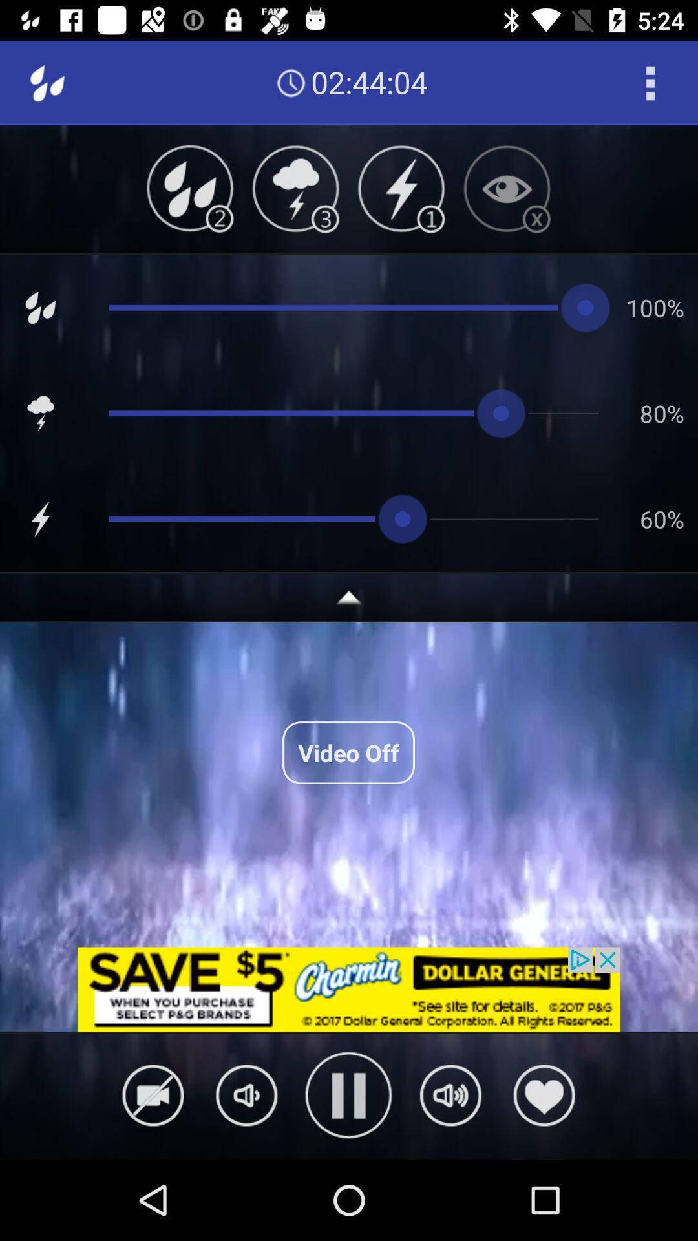 The height and width of the screenshot is (1241, 698). Describe the element at coordinates (401, 188) in the screenshot. I see `the flash icon` at that location.